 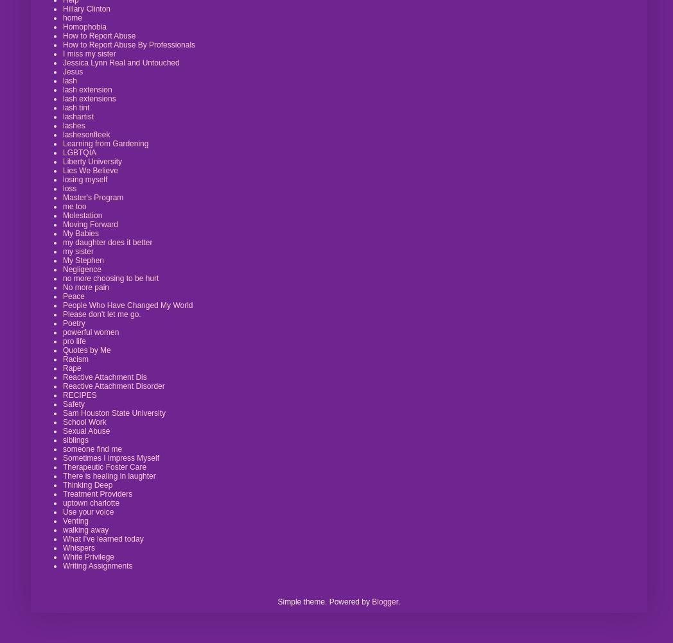 I want to click on 'Jessica Lynn Real and Untouched', so click(x=120, y=61).